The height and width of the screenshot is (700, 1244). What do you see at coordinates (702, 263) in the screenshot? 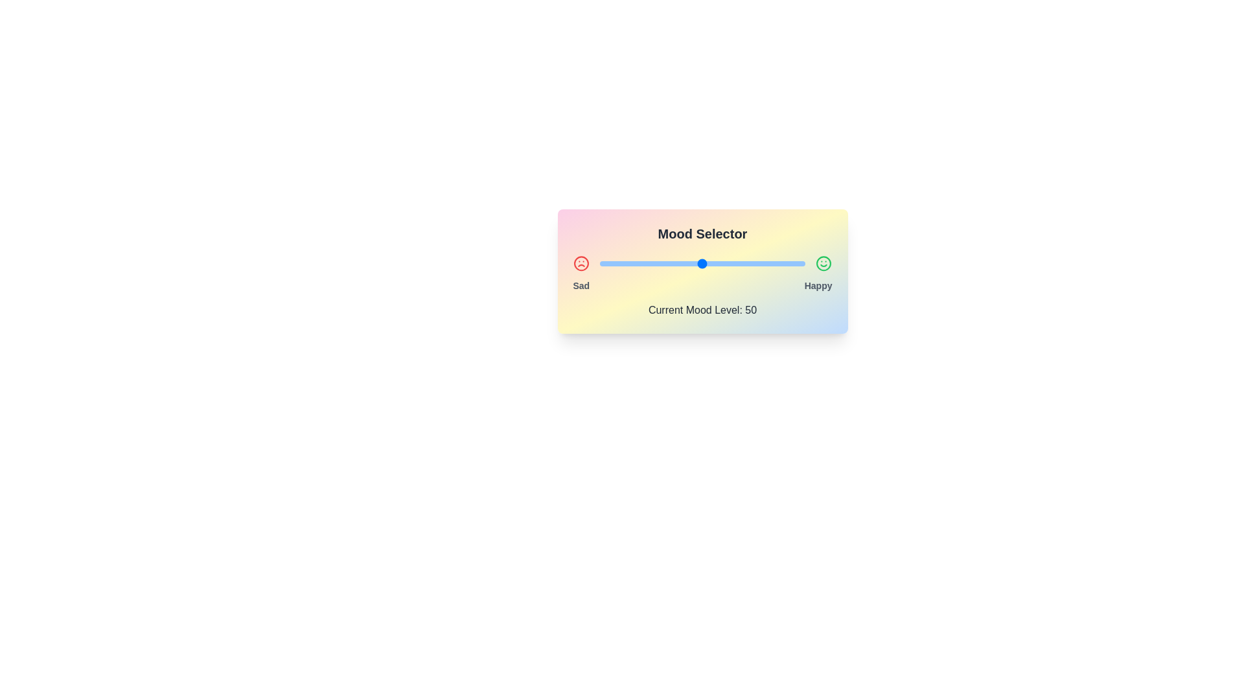
I see `the slider input to focus it for keyboard adjustments` at bounding box center [702, 263].